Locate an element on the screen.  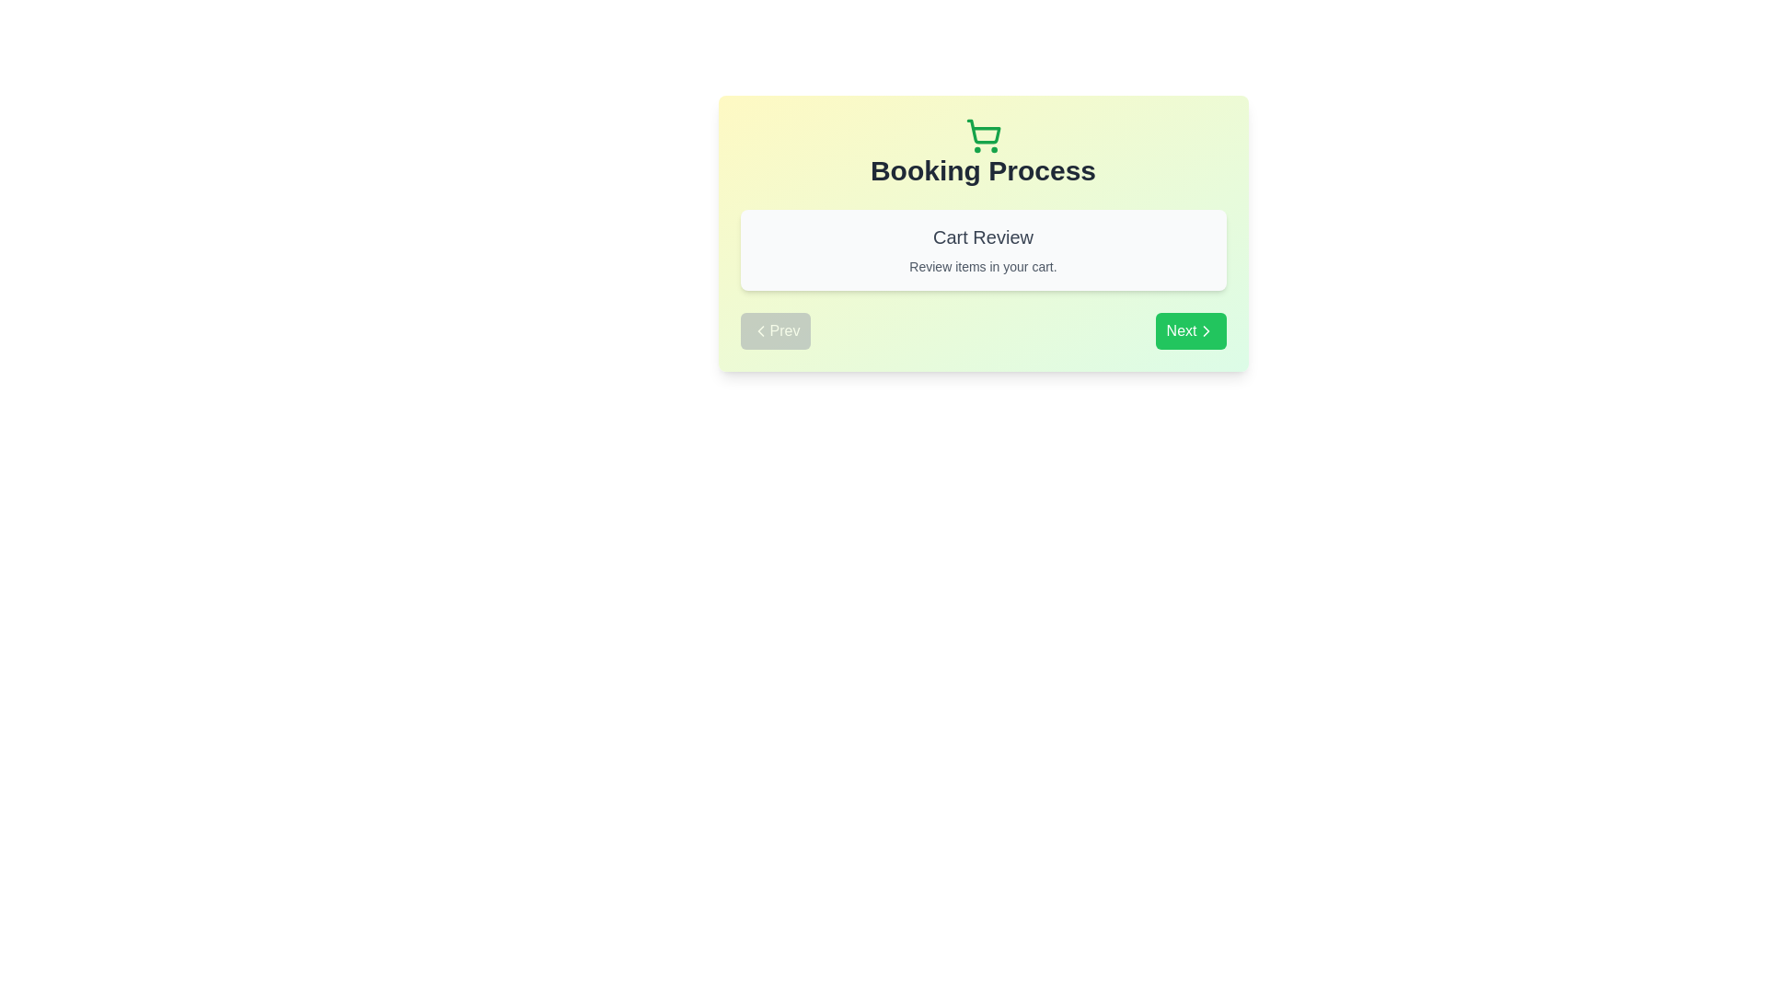
the Heading element that indicates the current step in the booking process, which is located below a shopping cart icon and above the 'Cart Review' section is located at coordinates (982, 151).